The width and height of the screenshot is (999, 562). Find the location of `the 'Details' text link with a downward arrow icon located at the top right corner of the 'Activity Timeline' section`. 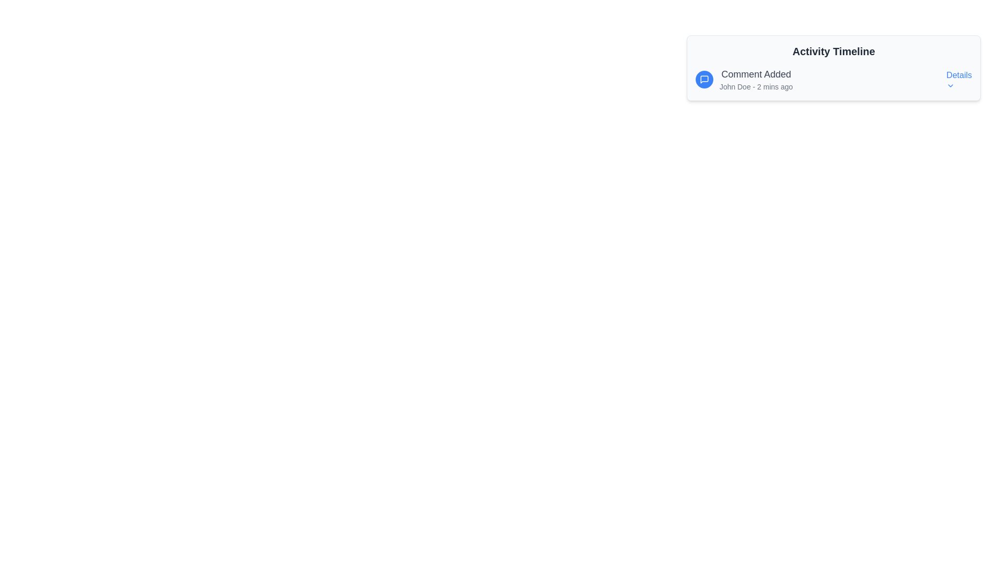

the 'Details' text link with a downward arrow icon located at the top right corner of the 'Activity Timeline' section is located at coordinates (958, 79).